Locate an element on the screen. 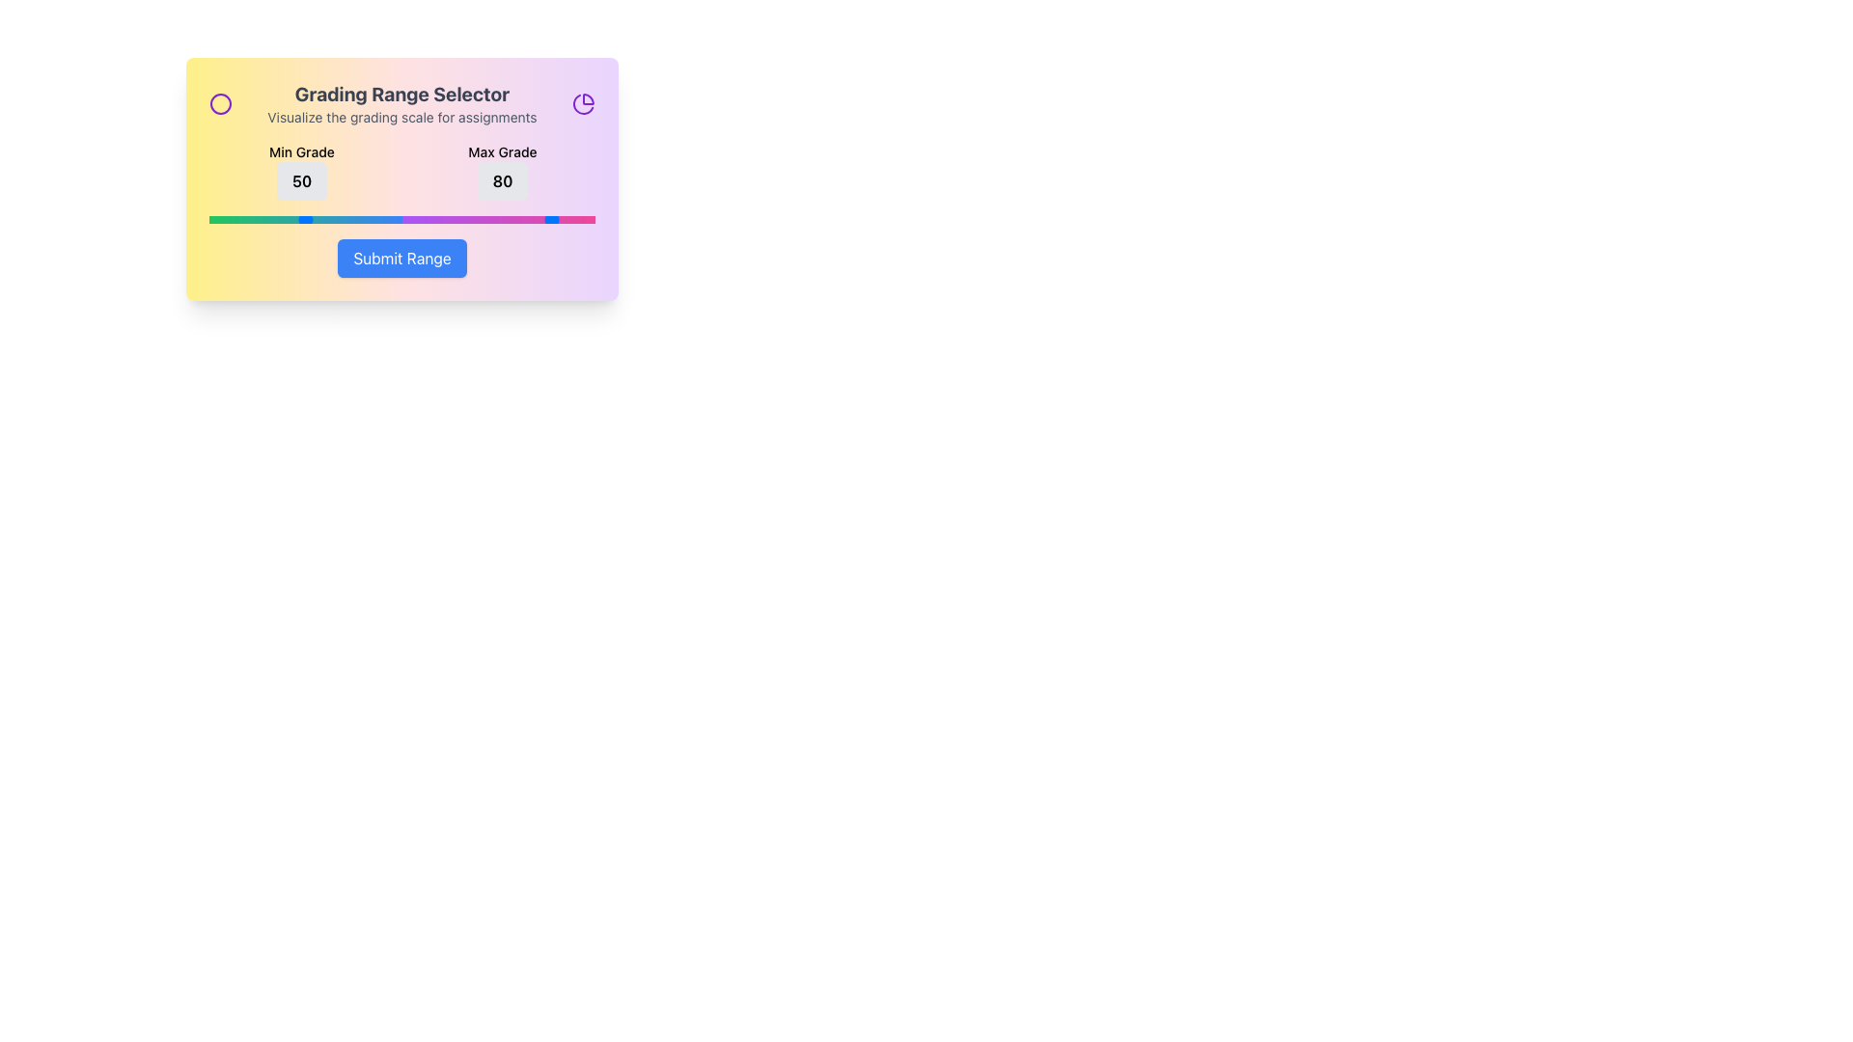 The image size is (1853, 1042). the Label with a numeric display that shows the maximum grading value, located to the right of the 'Min Grade' component in the grading selector interface is located at coordinates (503, 170).